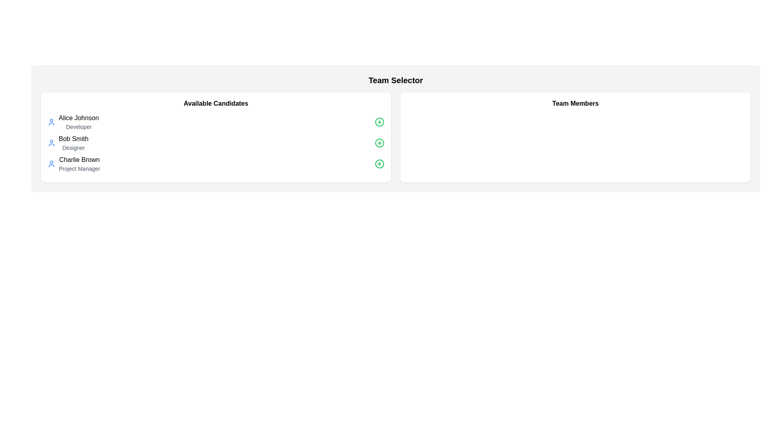 The width and height of the screenshot is (773, 434). I want to click on to select the candidate 'Charlie Brown', who is the Project Manager, from the third entry in the 'Available Candidates' list located in the left panel, so click(74, 164).